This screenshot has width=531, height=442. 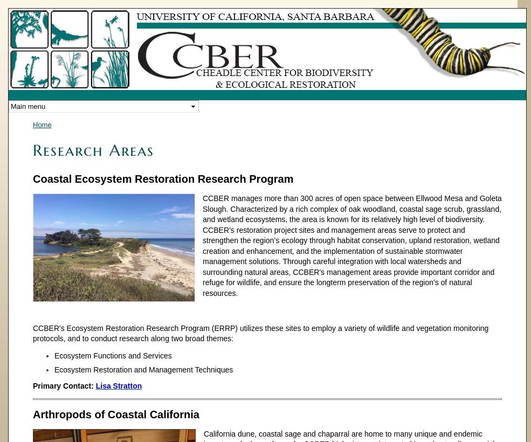 I want to click on 'CCBER's Ecosystem Restoration Research Program (ERRP) utilizes these sites to employ a variety of wildlife and vegetation monitoring protocols, and to conduct research along two broad themes:', so click(x=260, y=333).